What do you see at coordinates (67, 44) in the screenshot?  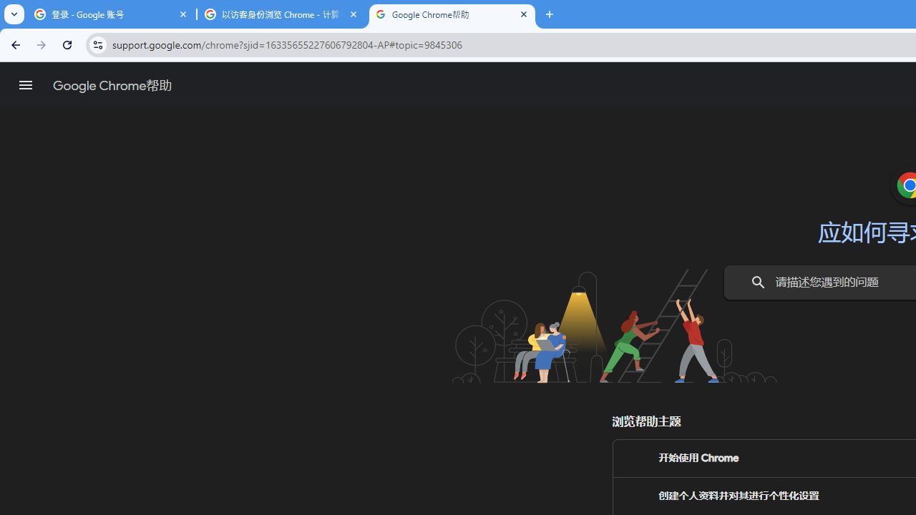 I see `'Reload'` at bounding box center [67, 44].